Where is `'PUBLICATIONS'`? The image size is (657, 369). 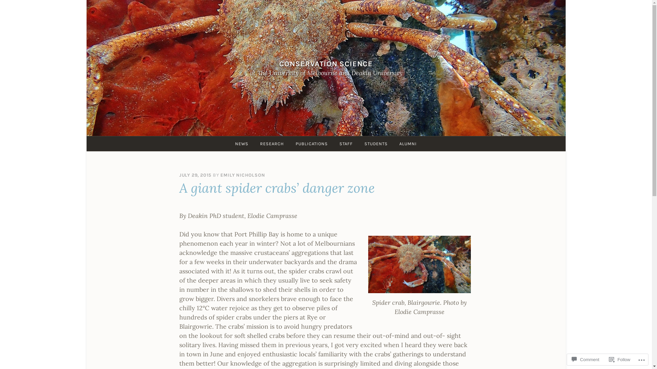 'PUBLICATIONS' is located at coordinates (311, 143).